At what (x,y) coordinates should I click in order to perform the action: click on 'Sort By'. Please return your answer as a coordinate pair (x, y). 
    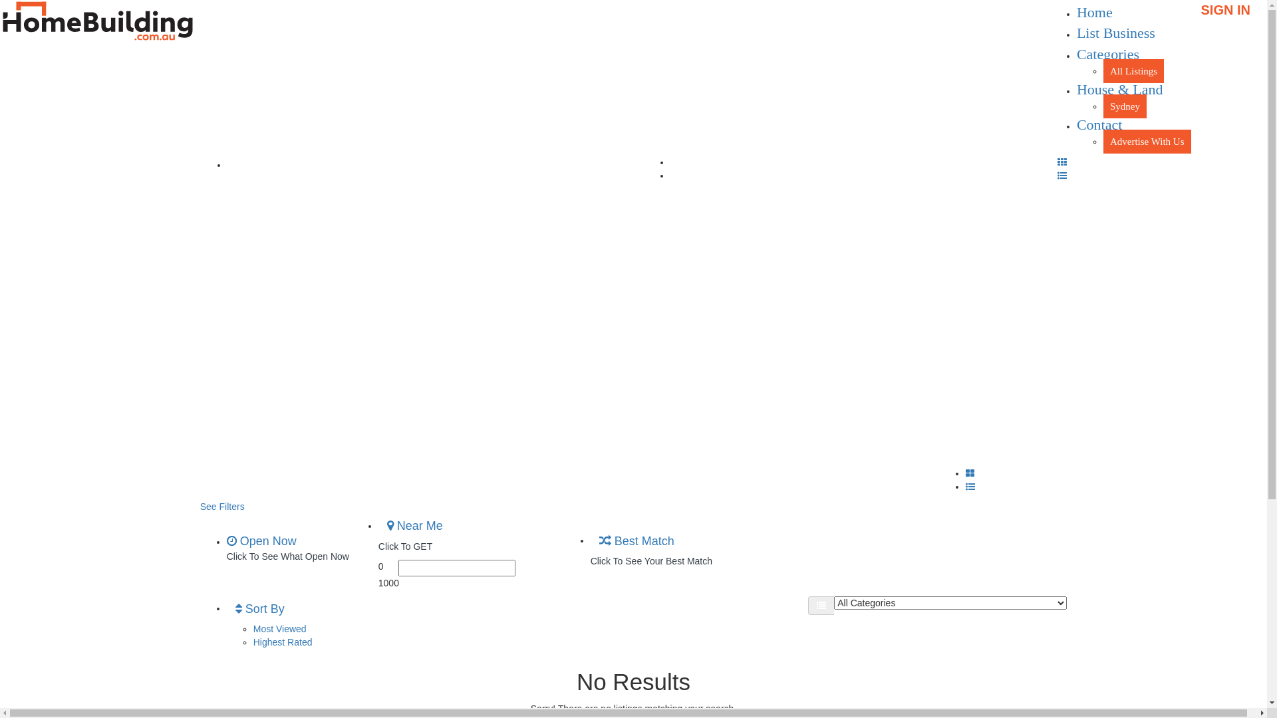
    Looking at the image, I should click on (259, 610).